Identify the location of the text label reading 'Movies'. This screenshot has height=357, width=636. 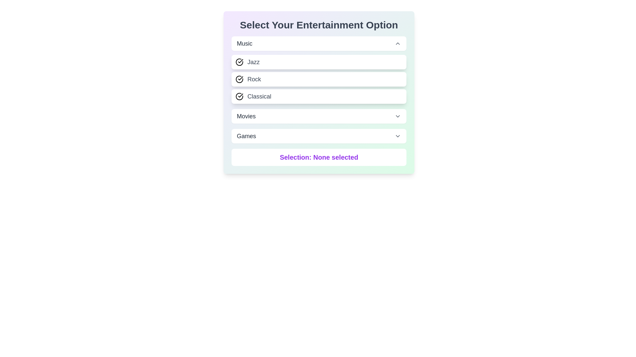
(246, 116).